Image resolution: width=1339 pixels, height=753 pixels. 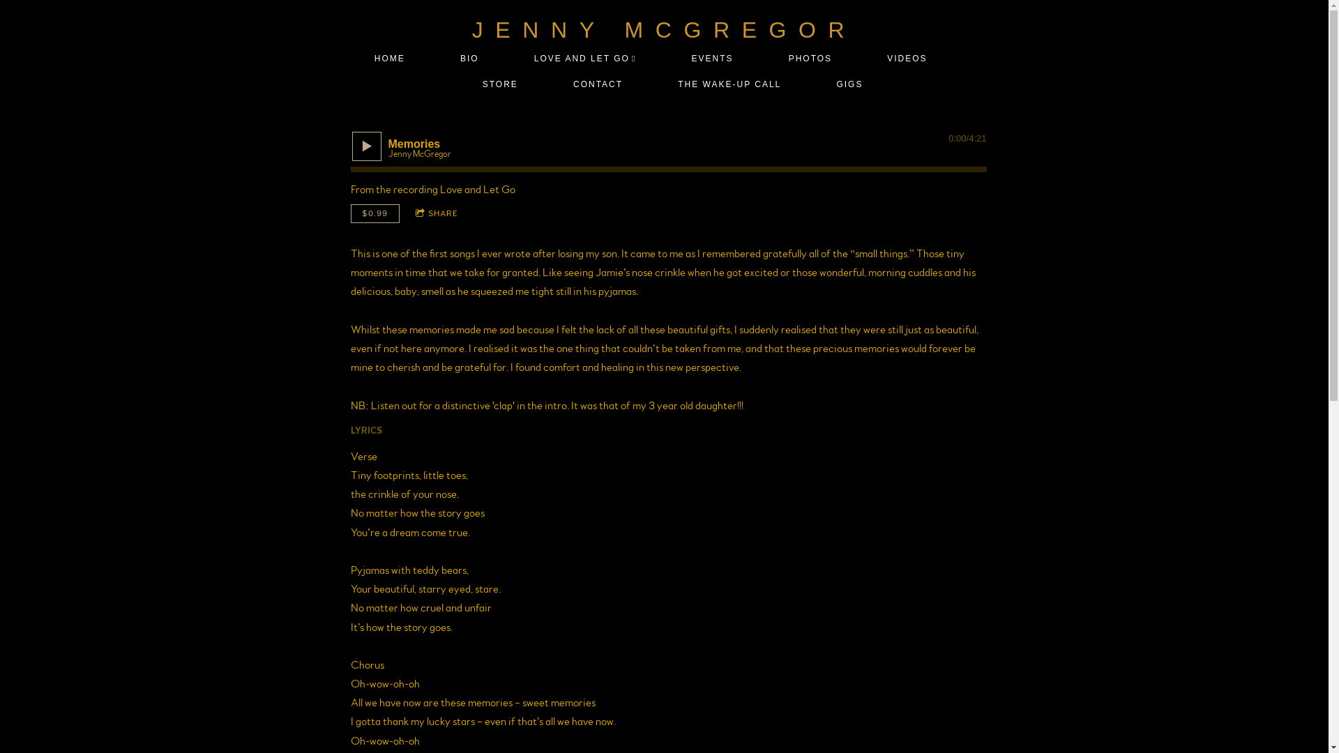 What do you see at coordinates (810, 58) in the screenshot?
I see `'PHOTOS'` at bounding box center [810, 58].